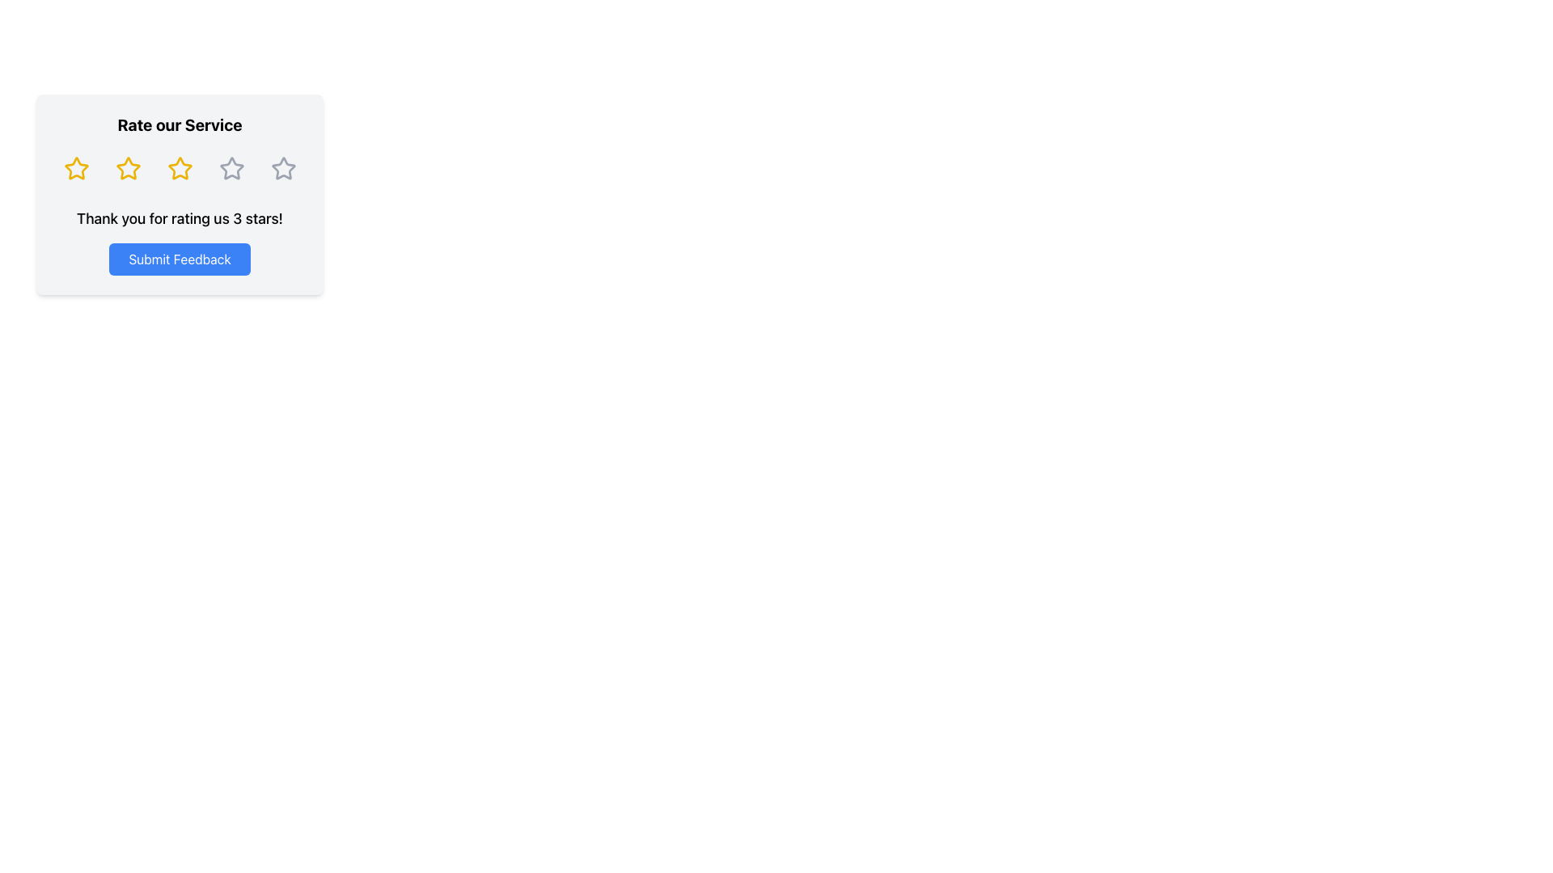  What do you see at coordinates (180, 168) in the screenshot?
I see `the third star icon in the horizontal row of five stars, which is highlighted in yellow` at bounding box center [180, 168].